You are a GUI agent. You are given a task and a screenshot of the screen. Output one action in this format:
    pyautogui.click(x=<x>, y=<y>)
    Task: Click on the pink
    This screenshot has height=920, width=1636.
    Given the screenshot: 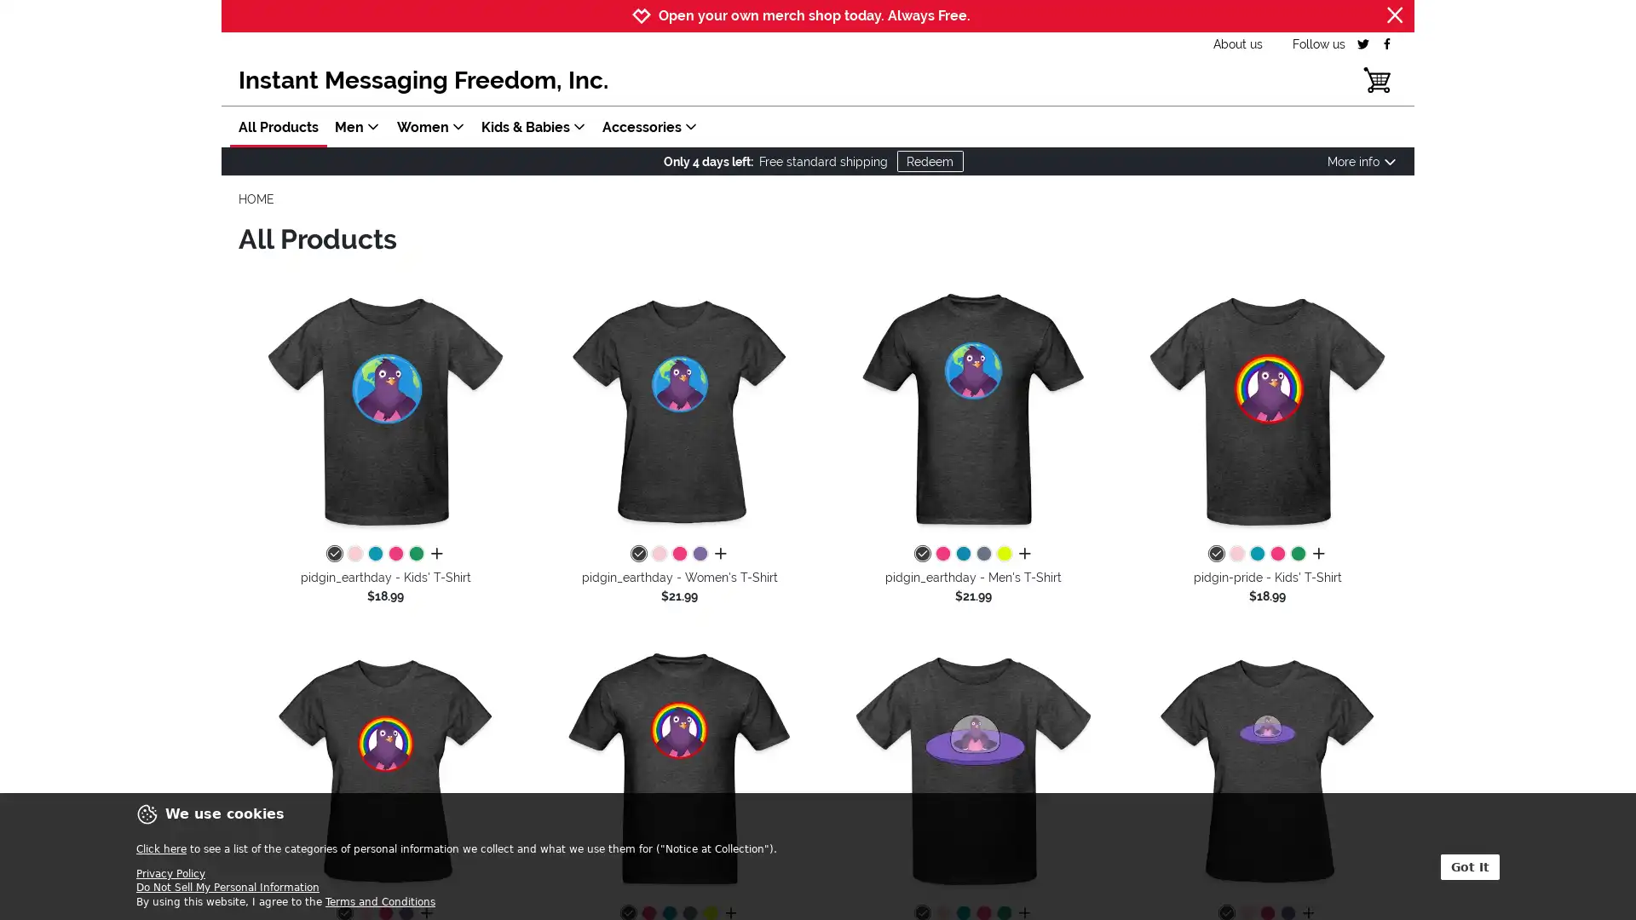 What is the action you would take?
    pyautogui.click(x=1236, y=555)
    